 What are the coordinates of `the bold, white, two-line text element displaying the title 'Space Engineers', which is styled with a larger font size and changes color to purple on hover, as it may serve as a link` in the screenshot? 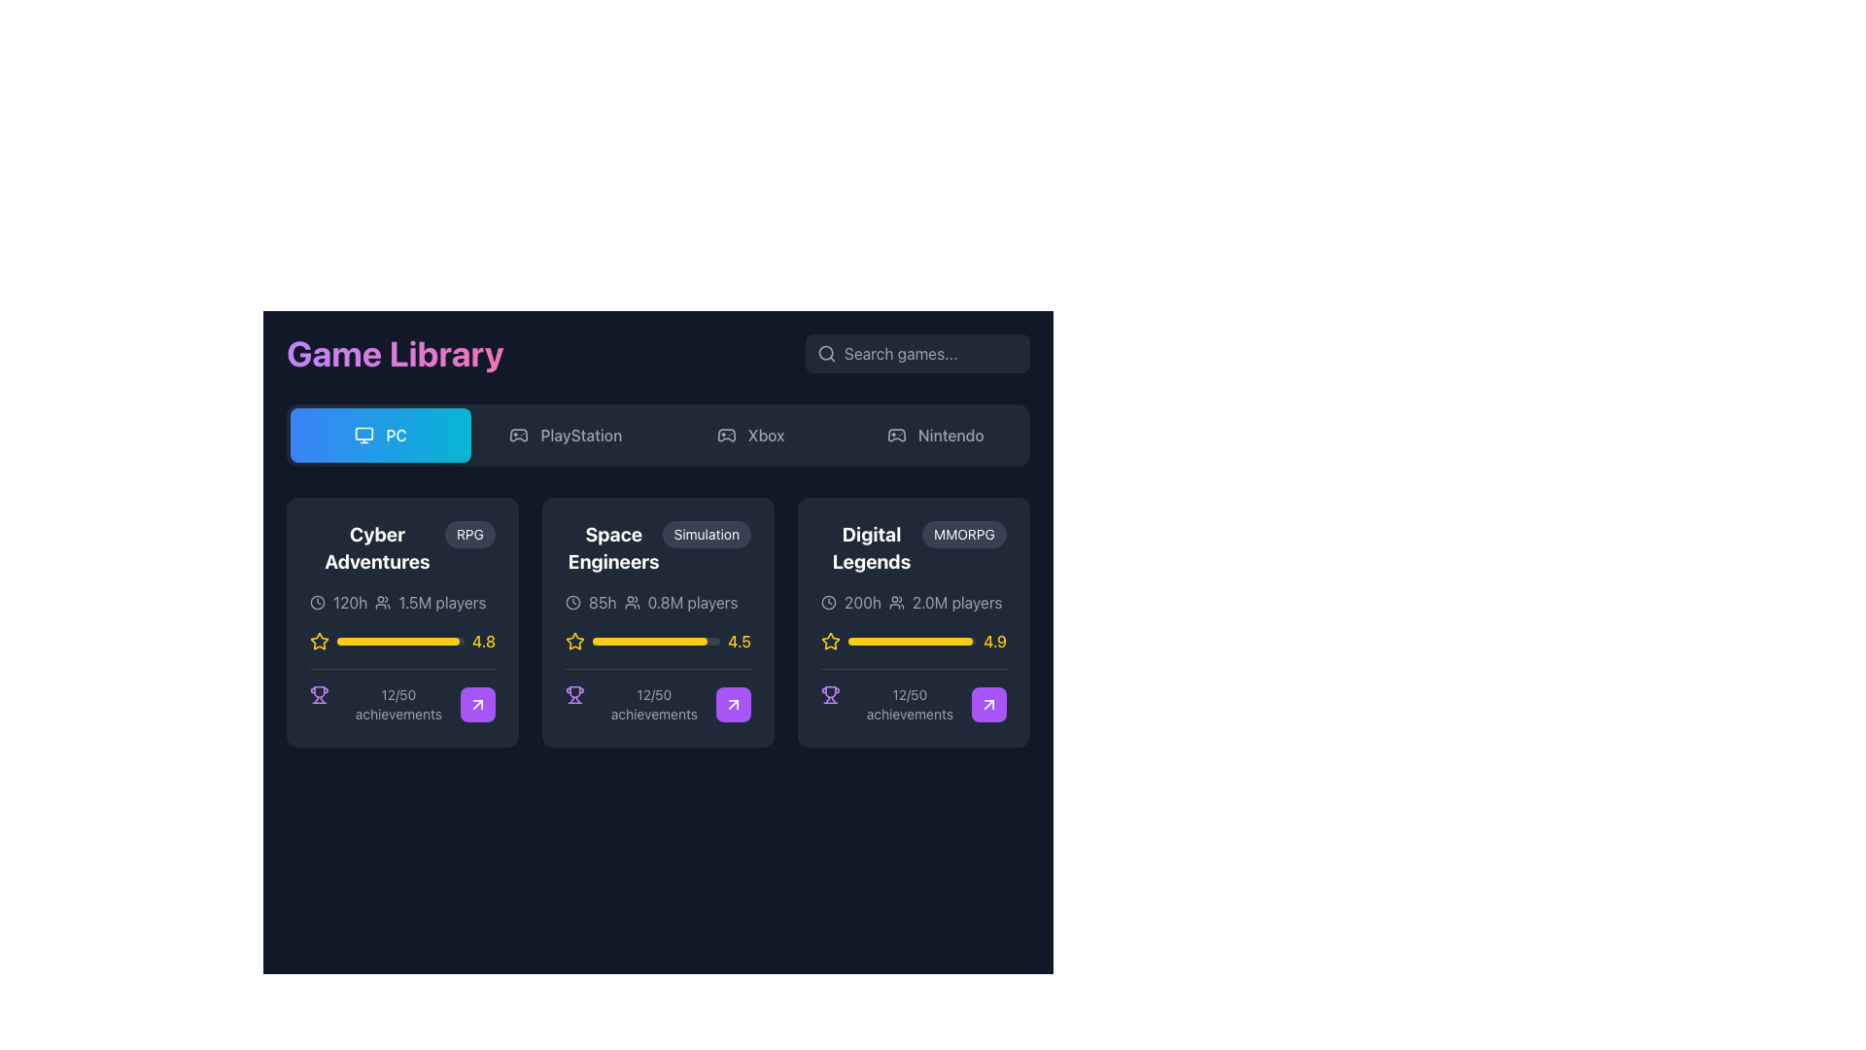 It's located at (612, 547).